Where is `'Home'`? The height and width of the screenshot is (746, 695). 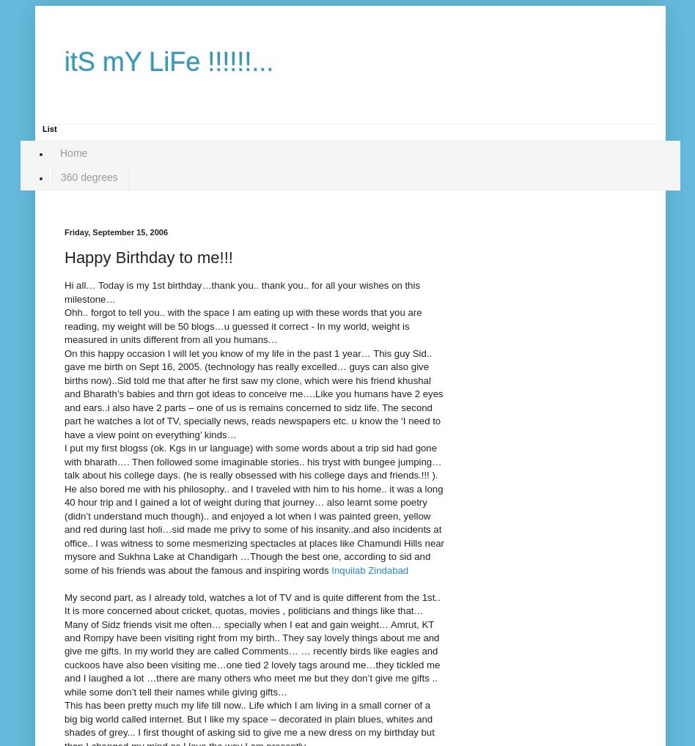
'Home' is located at coordinates (60, 152).